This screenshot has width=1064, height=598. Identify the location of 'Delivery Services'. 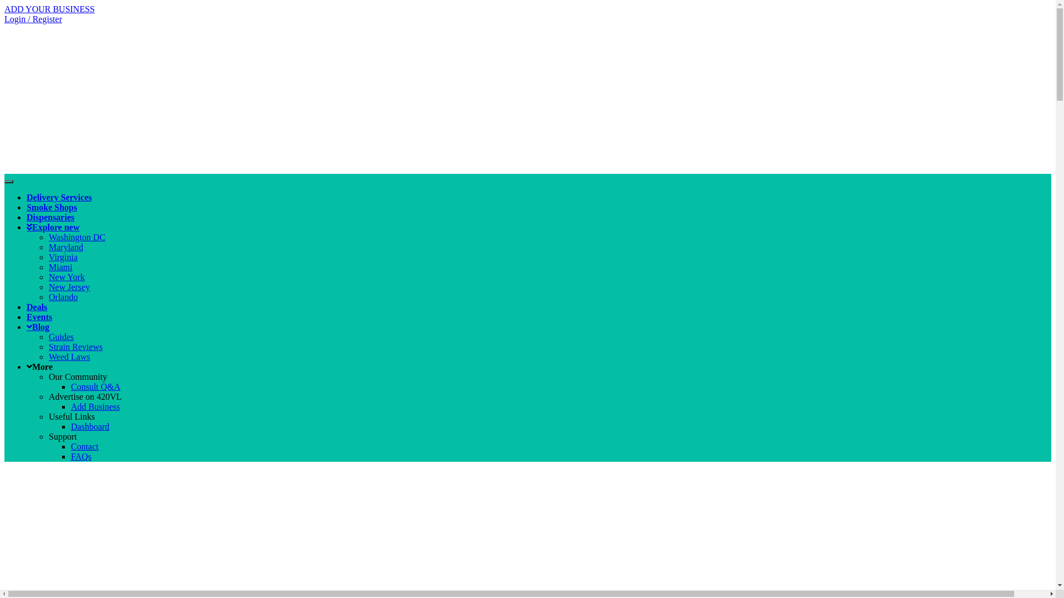
(58, 197).